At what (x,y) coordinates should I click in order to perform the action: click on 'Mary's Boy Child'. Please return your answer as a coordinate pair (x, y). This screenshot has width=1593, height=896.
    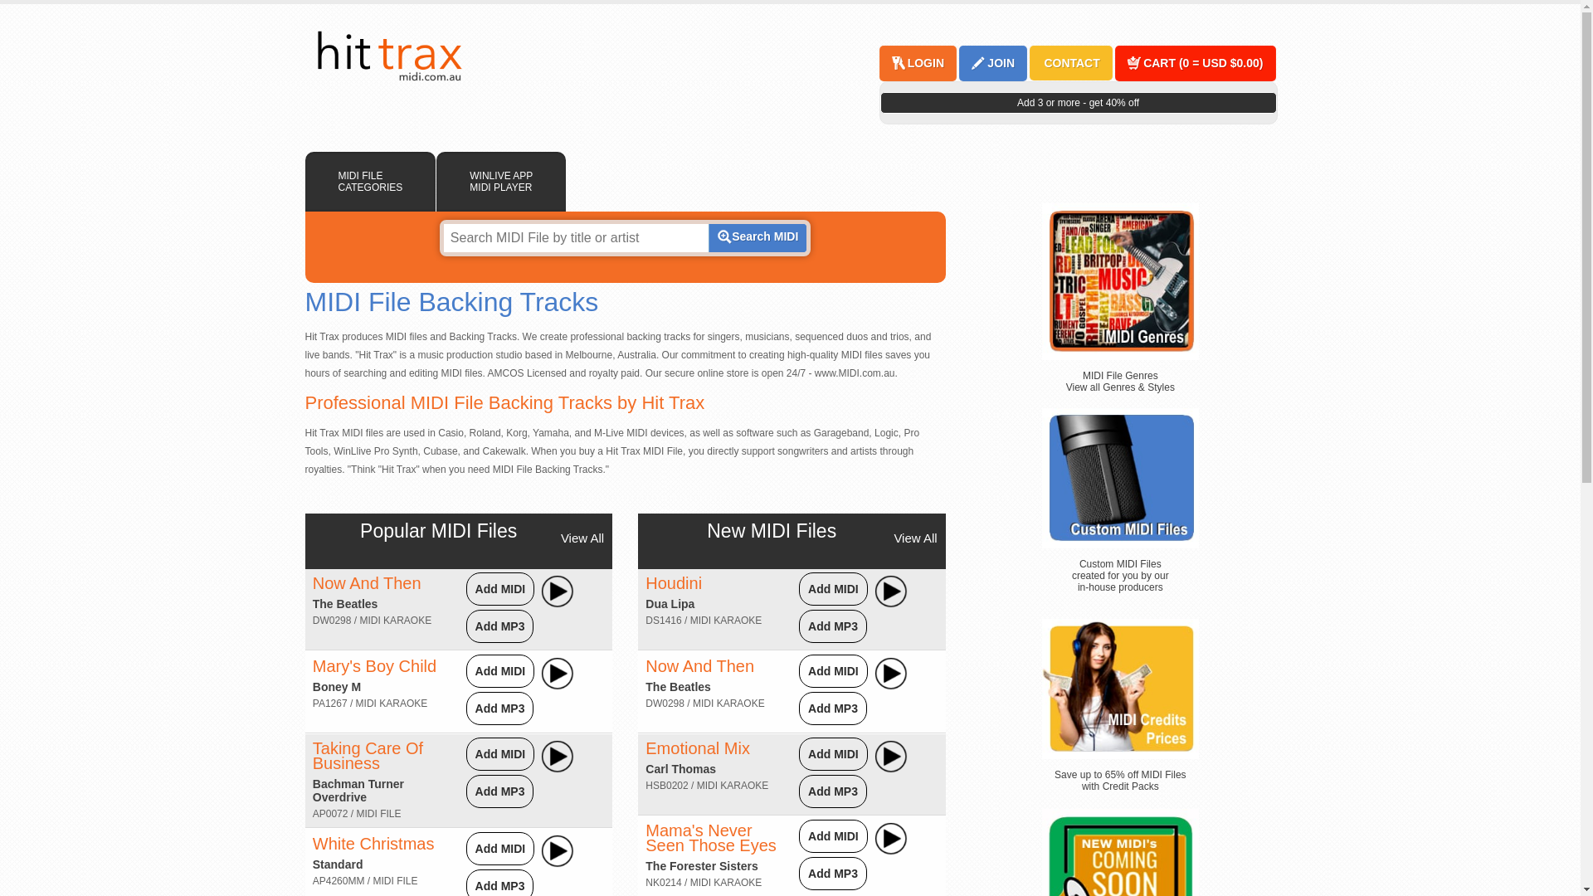
    Looking at the image, I should click on (373, 665).